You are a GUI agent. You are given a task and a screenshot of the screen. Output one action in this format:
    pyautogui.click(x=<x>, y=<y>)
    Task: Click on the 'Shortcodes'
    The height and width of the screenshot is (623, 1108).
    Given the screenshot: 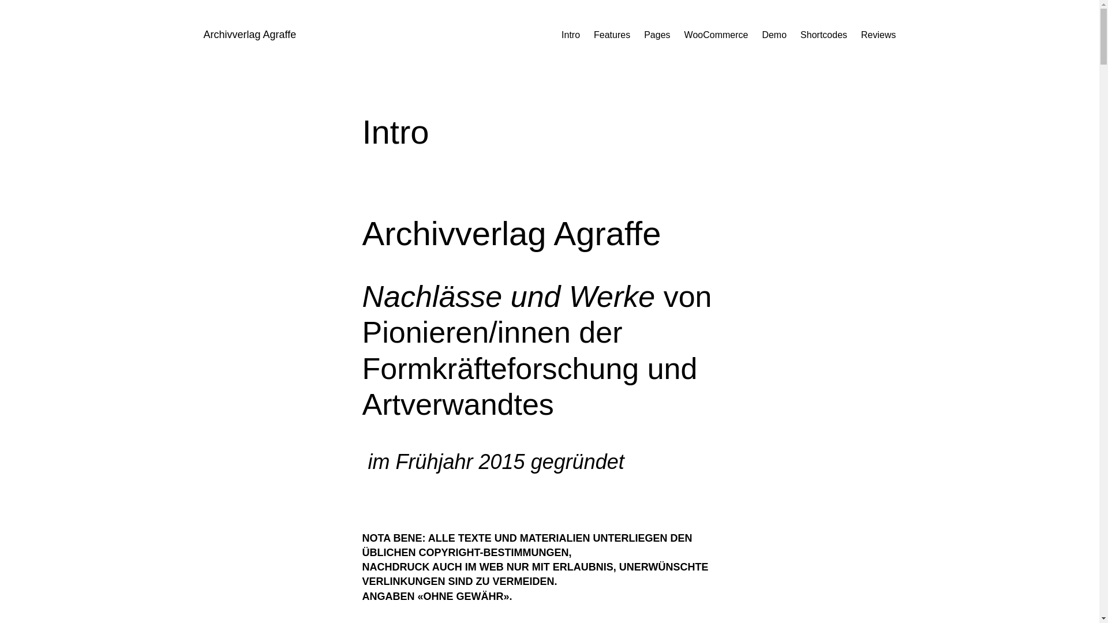 What is the action you would take?
    pyautogui.click(x=823, y=35)
    